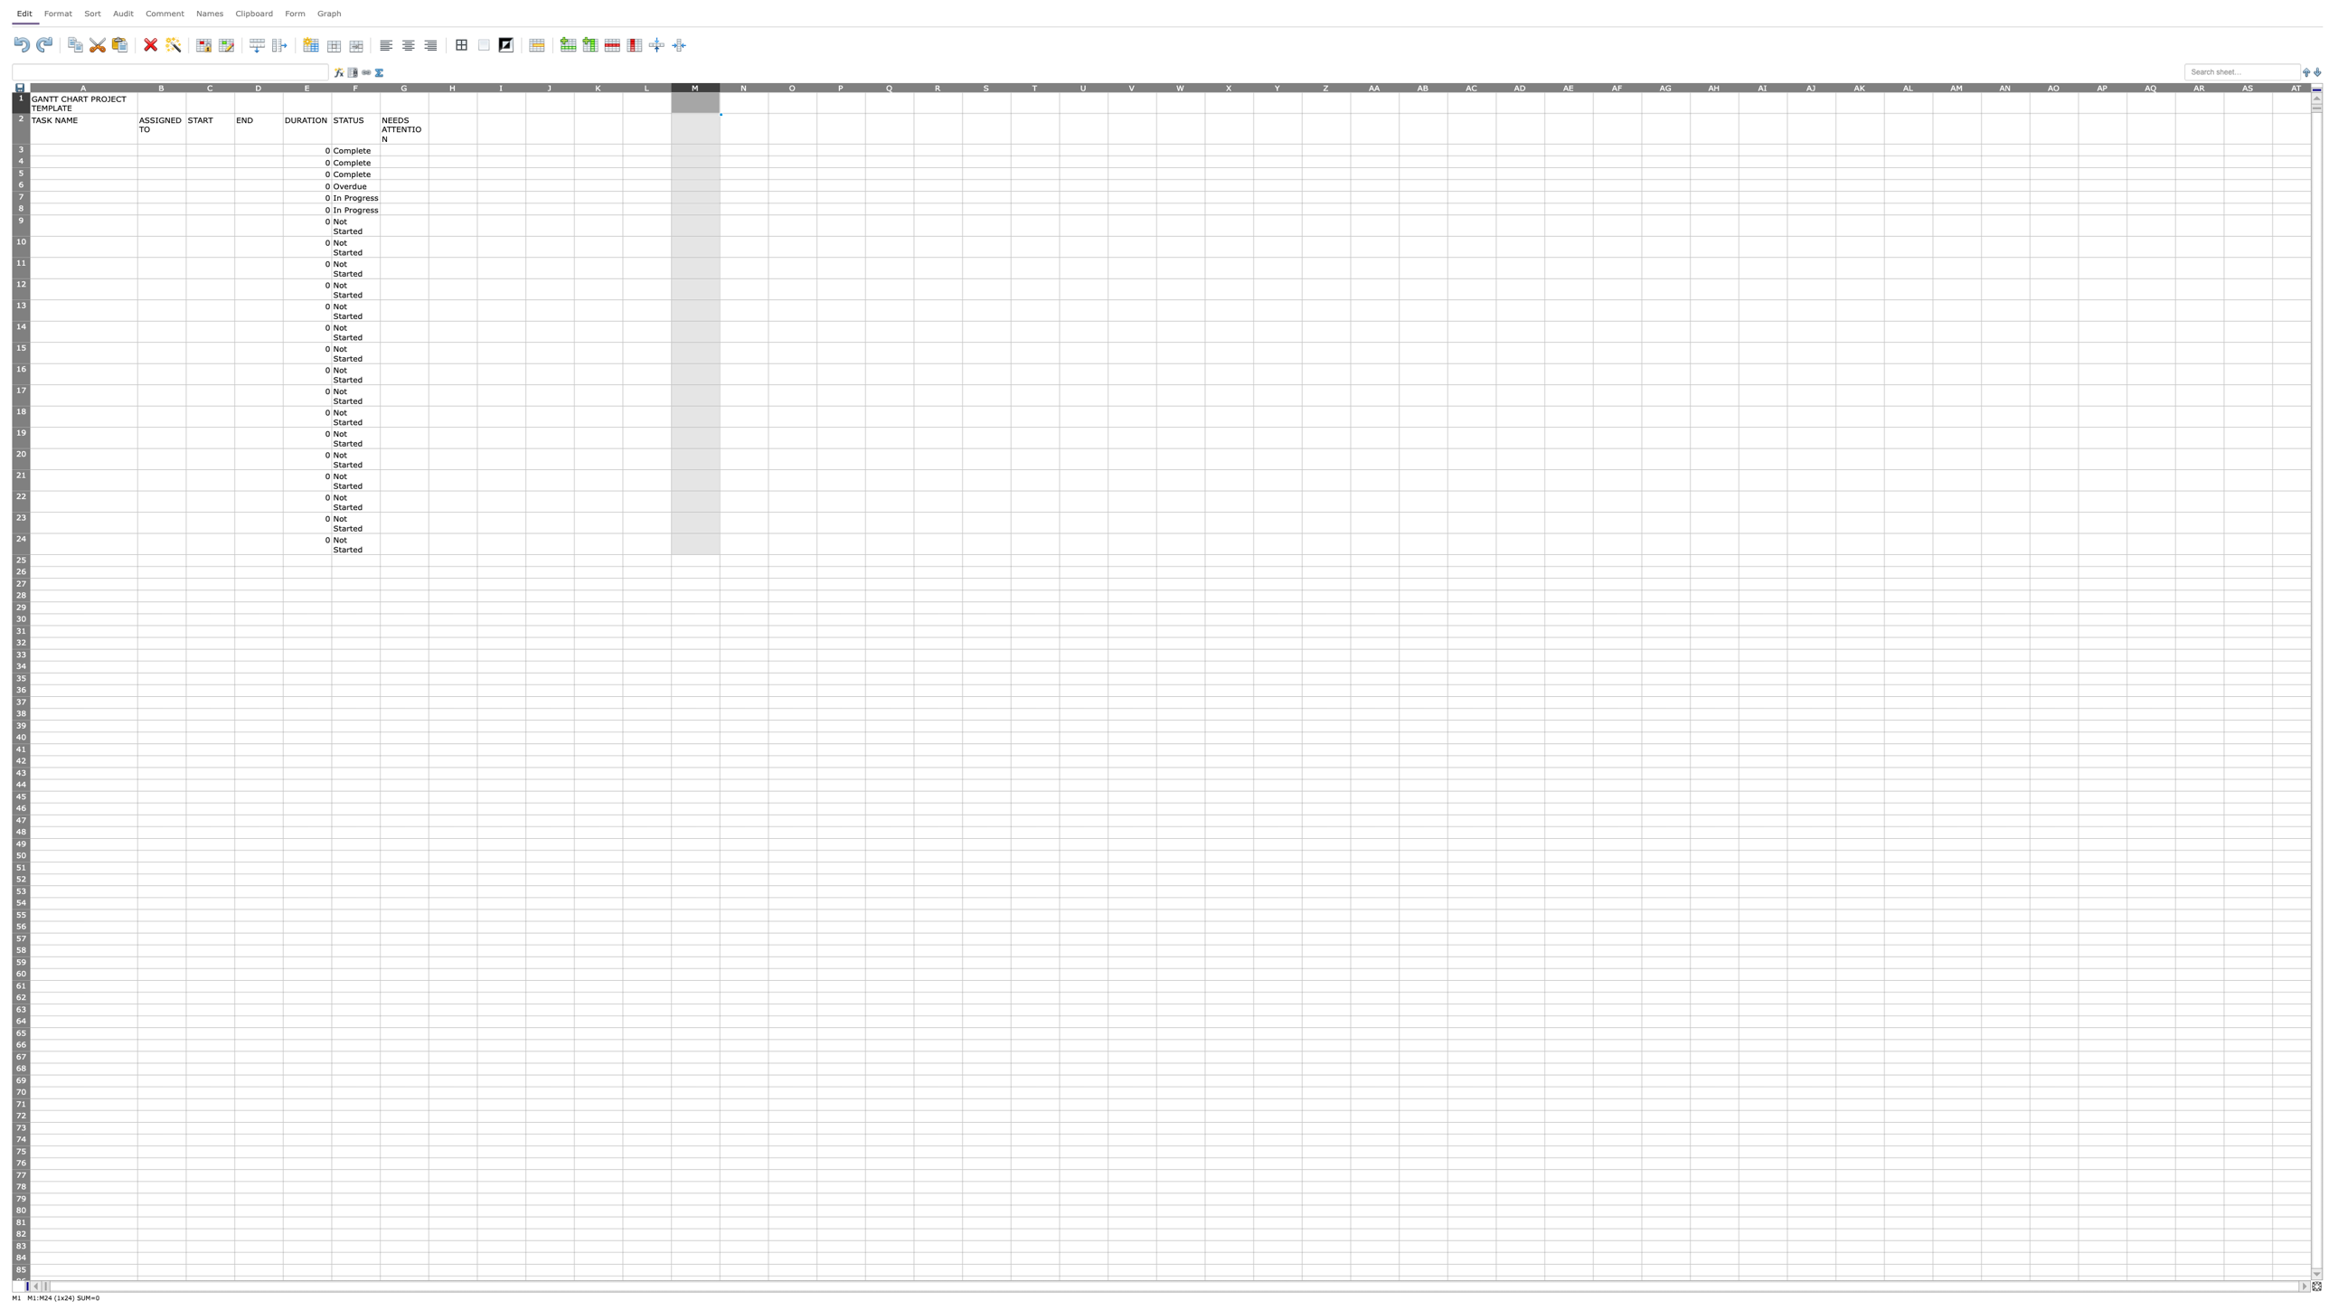  What do you see at coordinates (767, 86) in the screenshot?
I see `column N's right edge for resizing` at bounding box center [767, 86].